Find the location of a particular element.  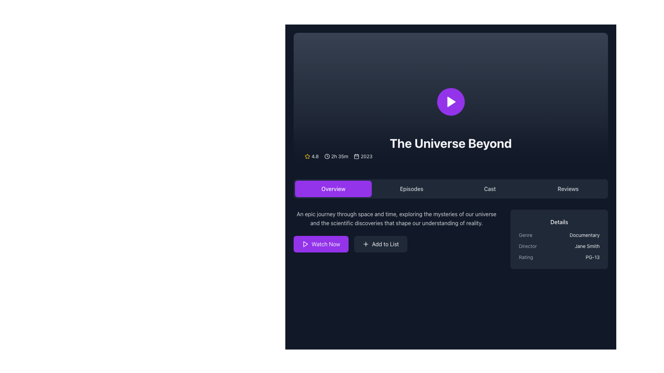

numeric text '2023' which is accompanied by a calendar icon, located within the metadata group to the right of the duration text '2h 35m' is located at coordinates (363, 156).